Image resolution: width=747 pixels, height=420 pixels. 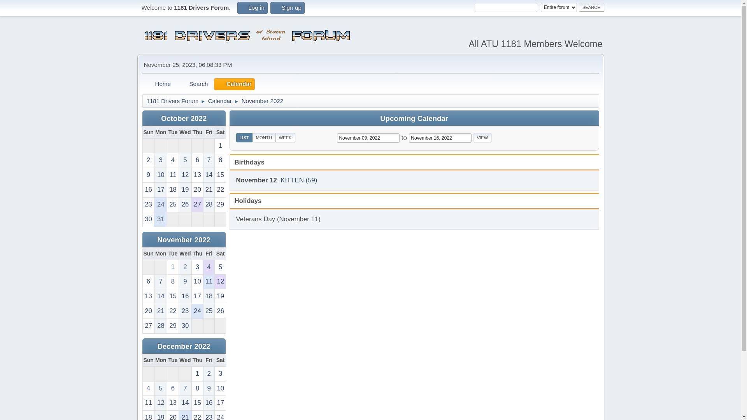 I want to click on '12', so click(x=154, y=402).